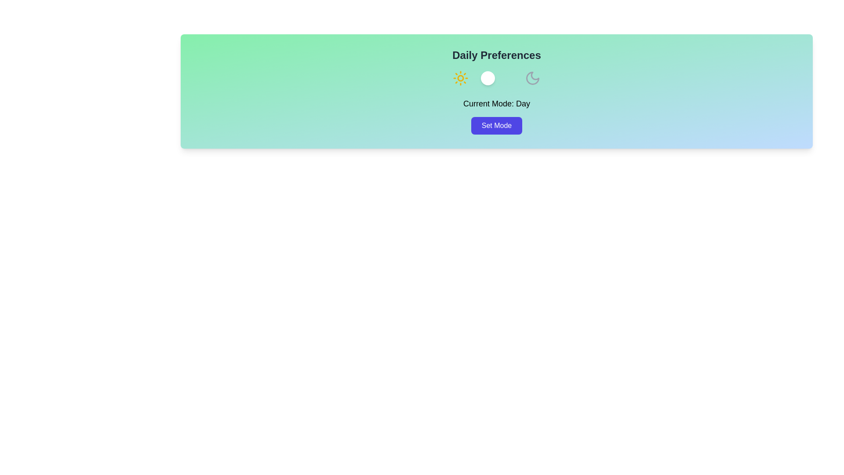 This screenshot has height=475, width=844. I want to click on the sun icon to toggle the mode, so click(460, 77).